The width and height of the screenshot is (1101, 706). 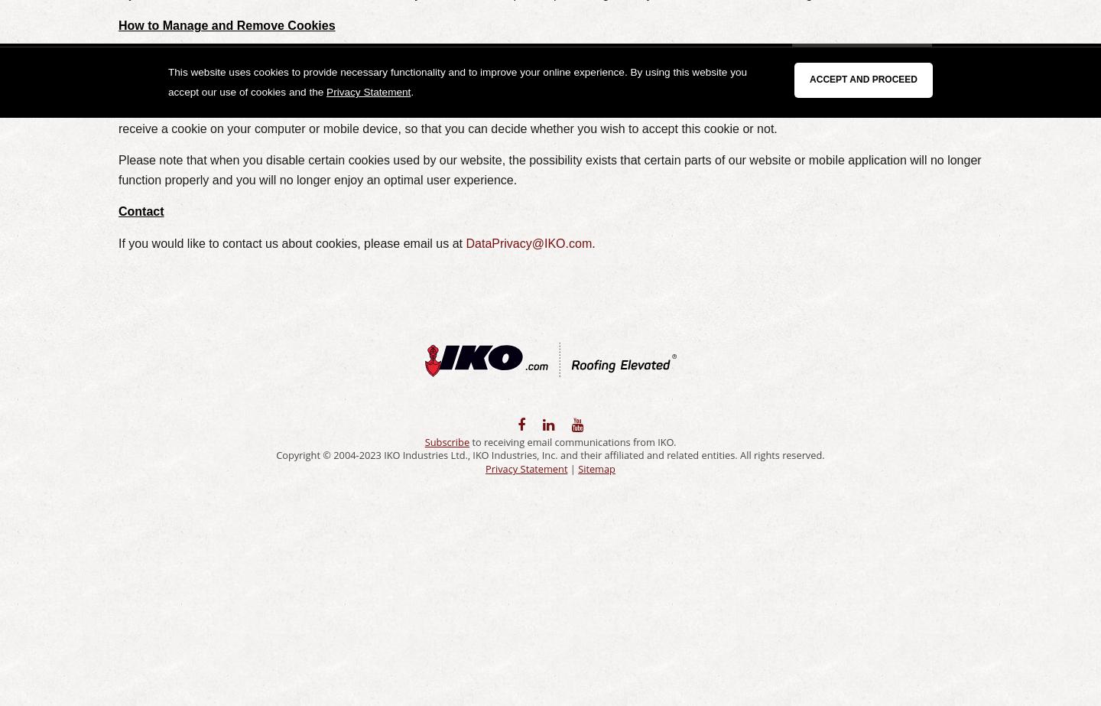 I want to click on 'Technical Info', so click(x=347, y=61).